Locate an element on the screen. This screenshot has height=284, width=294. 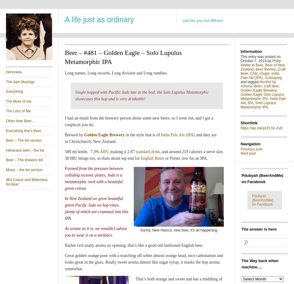
'Everything' is located at coordinates (14, 91).